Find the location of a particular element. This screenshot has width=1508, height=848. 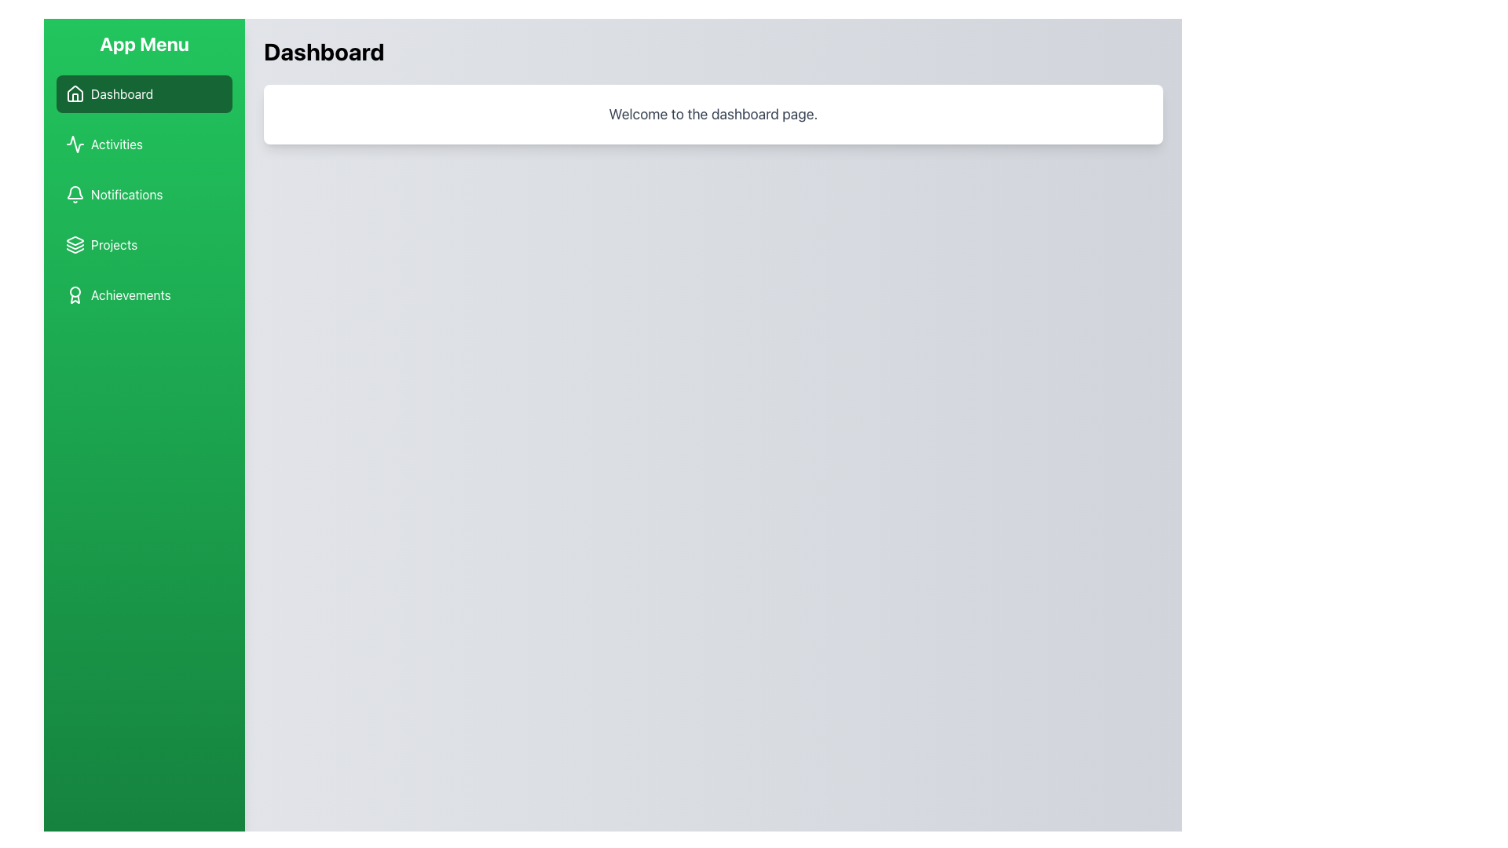

the 'Dashboard' text button located at the top of the vertical menu on the left side of the interface to bring it into view is located at coordinates (121, 93).